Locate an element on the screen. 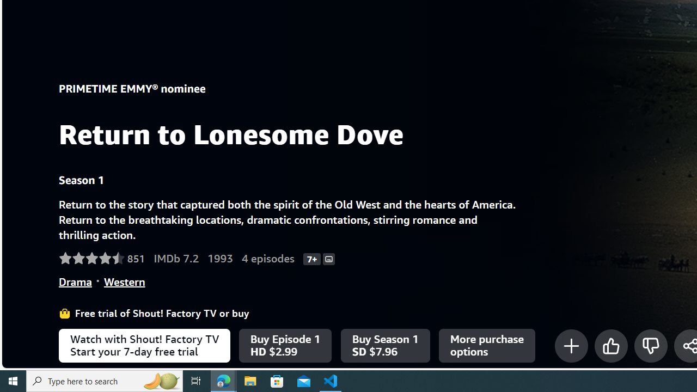 This screenshot has height=392, width=697. 'Buy Season 1 SD $7.96' is located at coordinates (385, 346).